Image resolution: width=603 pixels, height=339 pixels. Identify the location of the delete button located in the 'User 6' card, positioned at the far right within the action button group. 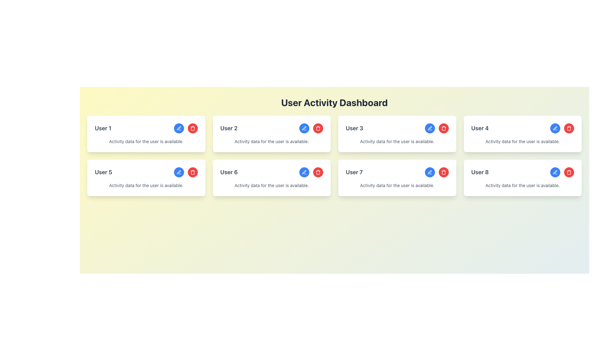
(318, 172).